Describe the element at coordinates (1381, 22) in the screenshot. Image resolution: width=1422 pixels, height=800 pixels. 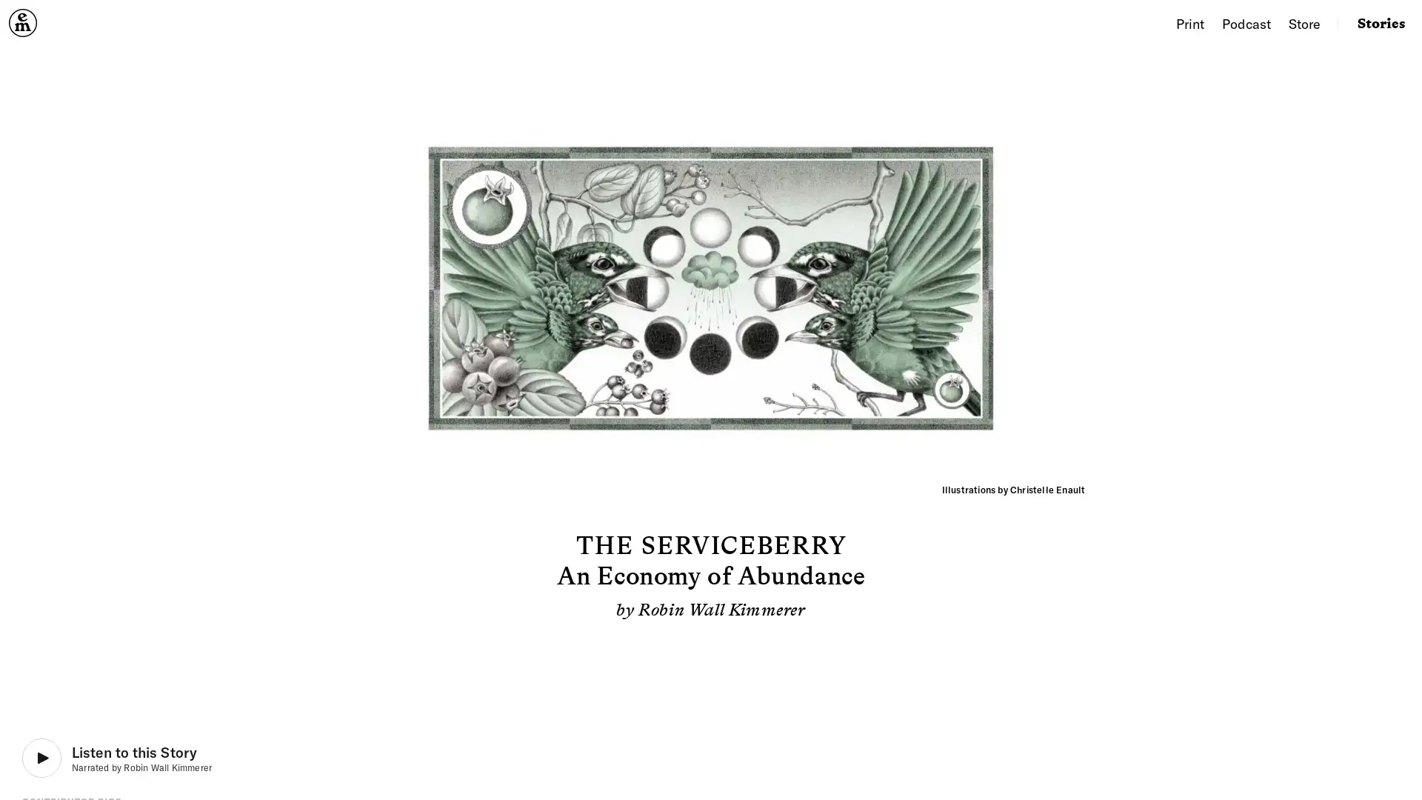
I see `Stories` at that location.